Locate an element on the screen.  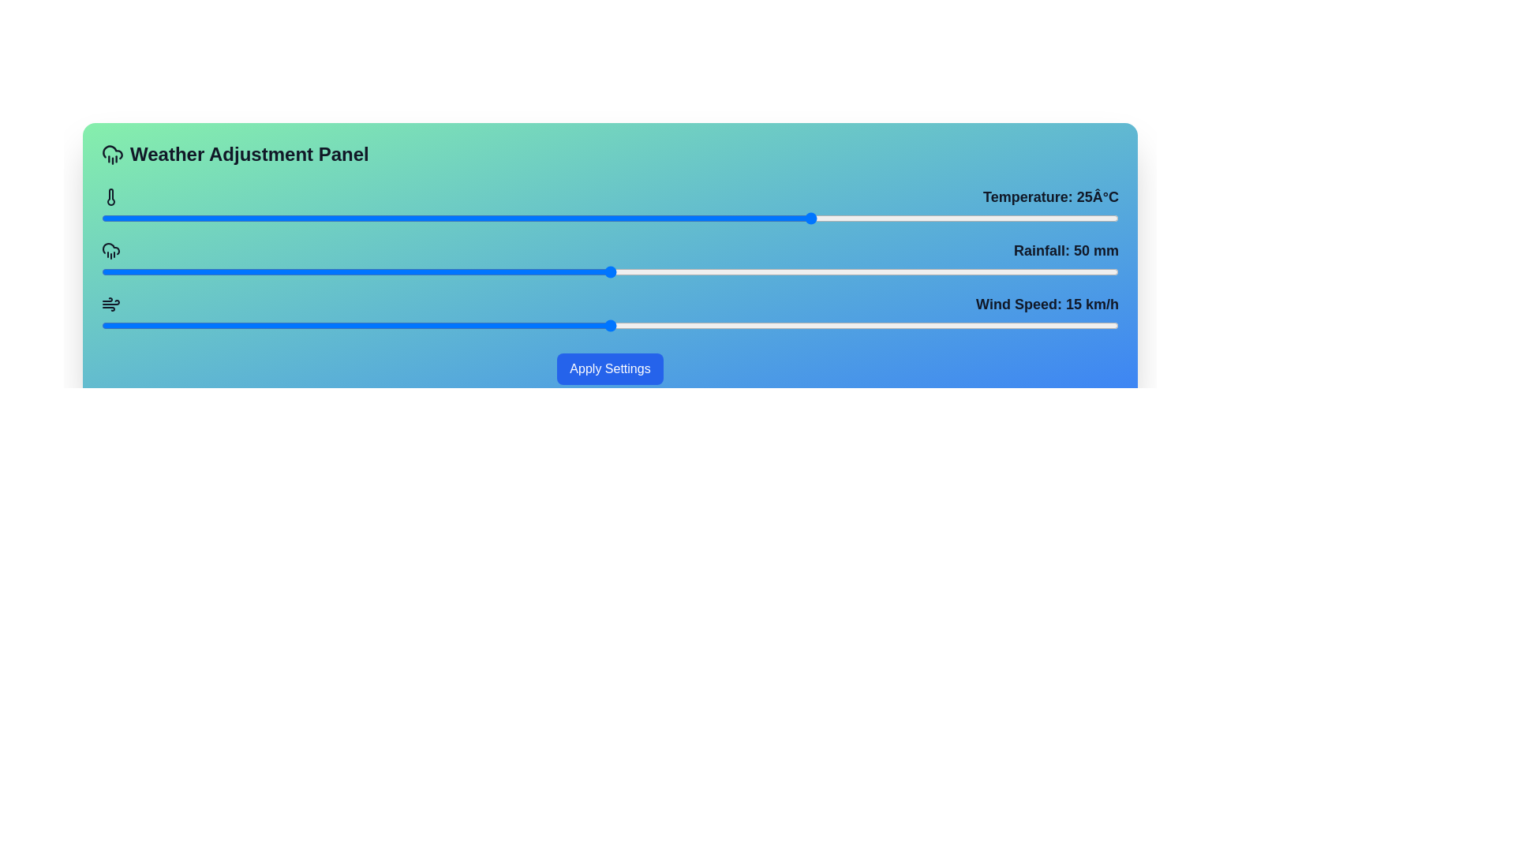
the wind speed is located at coordinates (338, 324).